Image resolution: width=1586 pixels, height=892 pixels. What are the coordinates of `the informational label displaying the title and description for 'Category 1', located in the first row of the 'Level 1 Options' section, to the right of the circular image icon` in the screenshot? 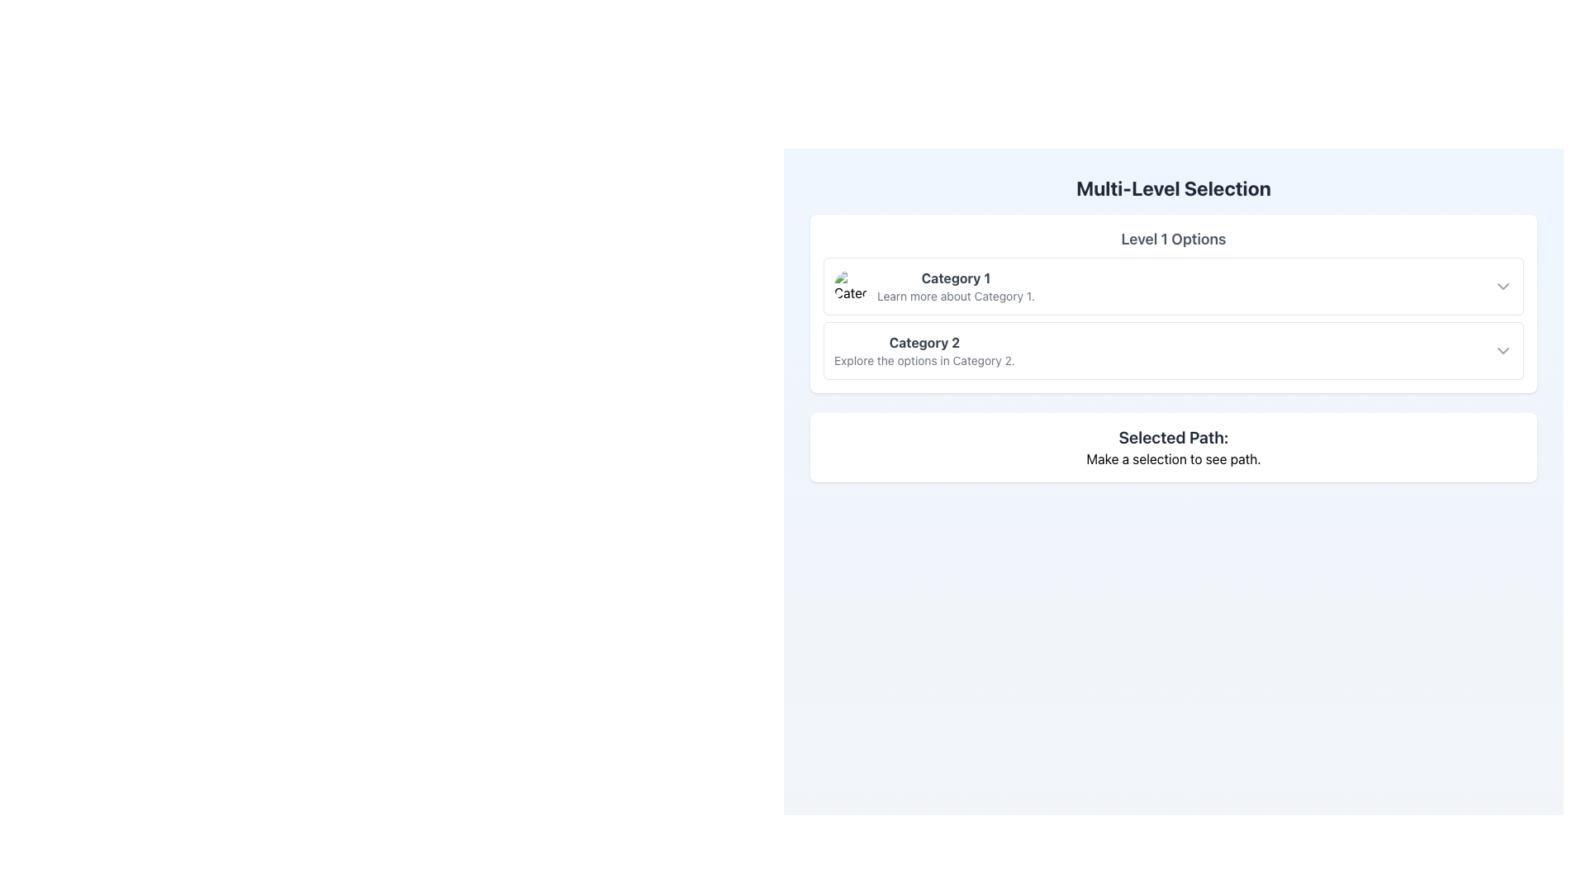 It's located at (956, 286).